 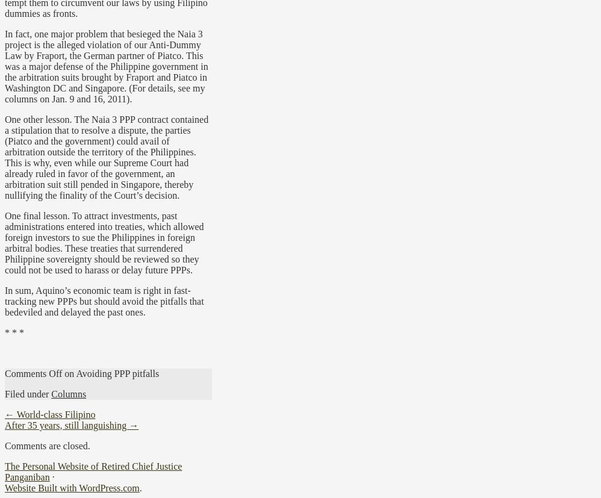 What do you see at coordinates (14, 331) in the screenshot?
I see `'* * *'` at bounding box center [14, 331].